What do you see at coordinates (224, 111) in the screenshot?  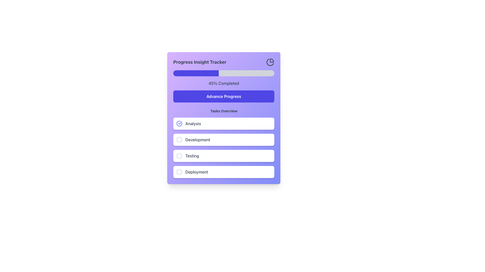 I see `the 'Tasks Overview' text header that is displayed in bold gray color, centrally aligned at the top of the vertical task list` at bounding box center [224, 111].